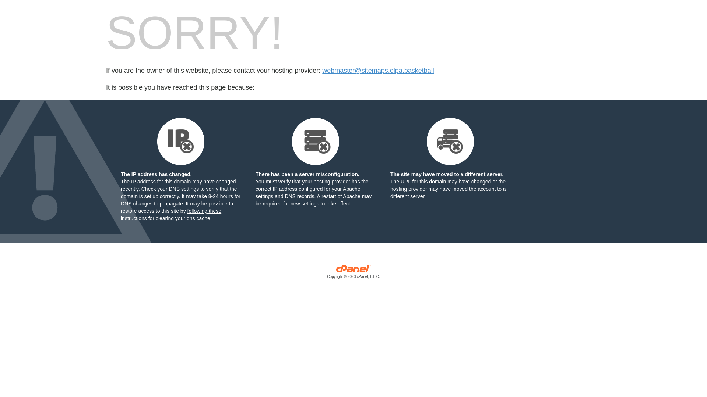  I want to click on 'following these instructions', so click(170, 214).